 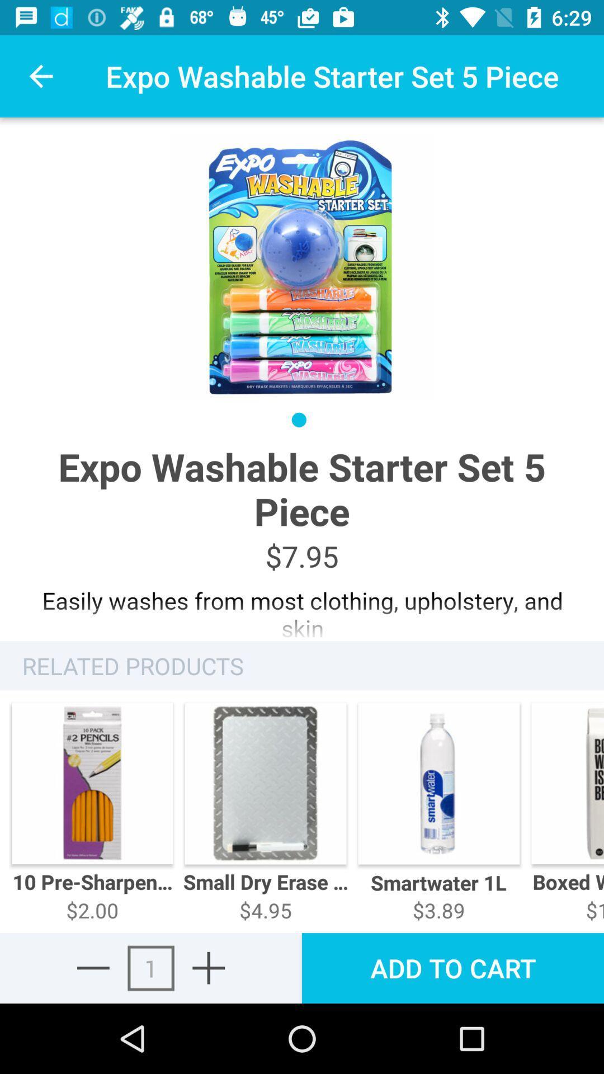 What do you see at coordinates (302, 607) in the screenshot?
I see `advertisement link` at bounding box center [302, 607].